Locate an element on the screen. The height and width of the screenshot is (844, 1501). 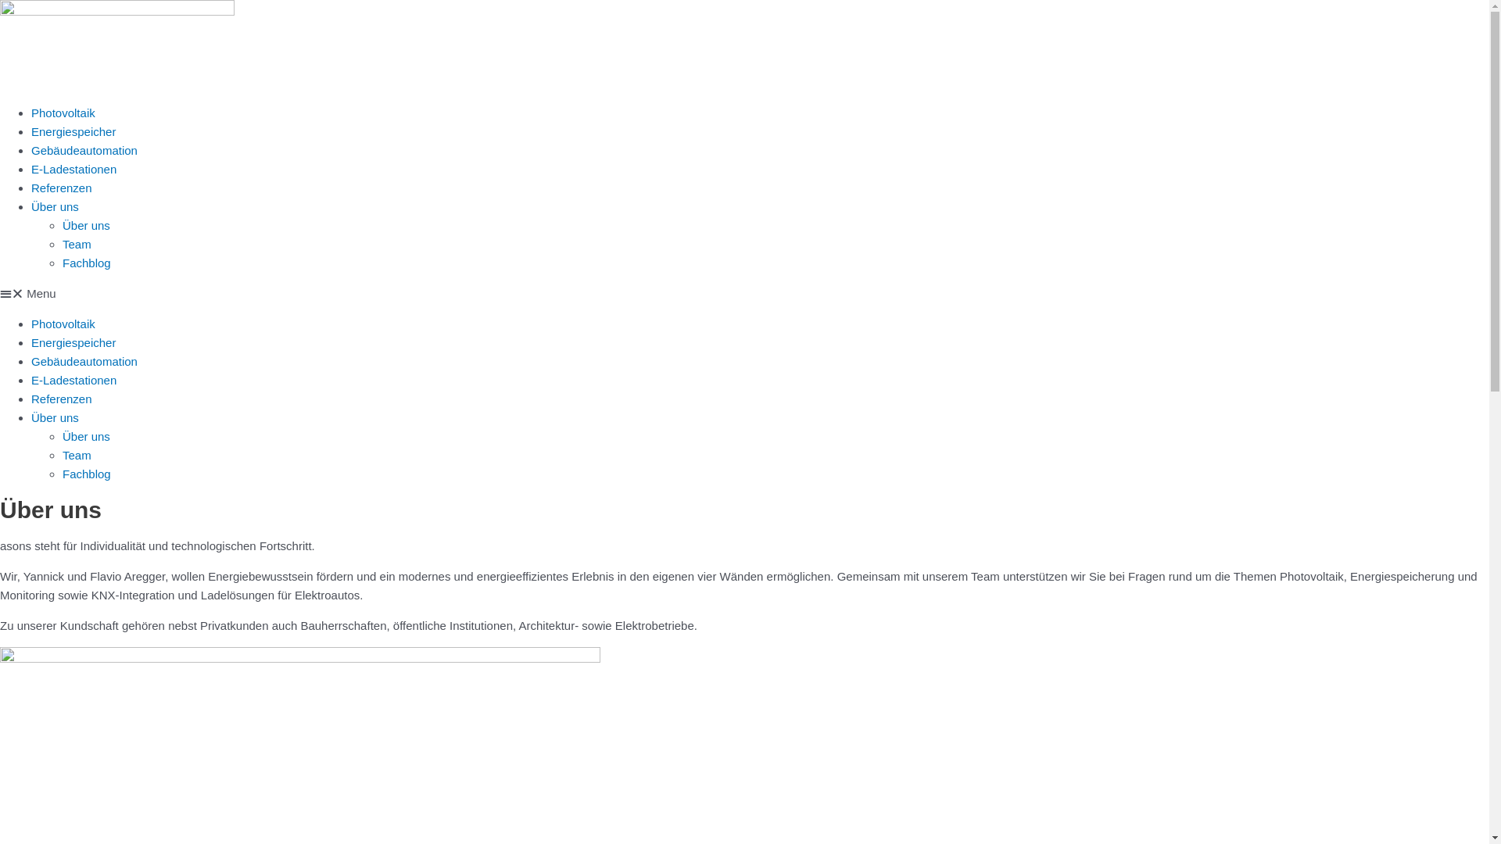
'Energiespeicher' is located at coordinates (73, 342).